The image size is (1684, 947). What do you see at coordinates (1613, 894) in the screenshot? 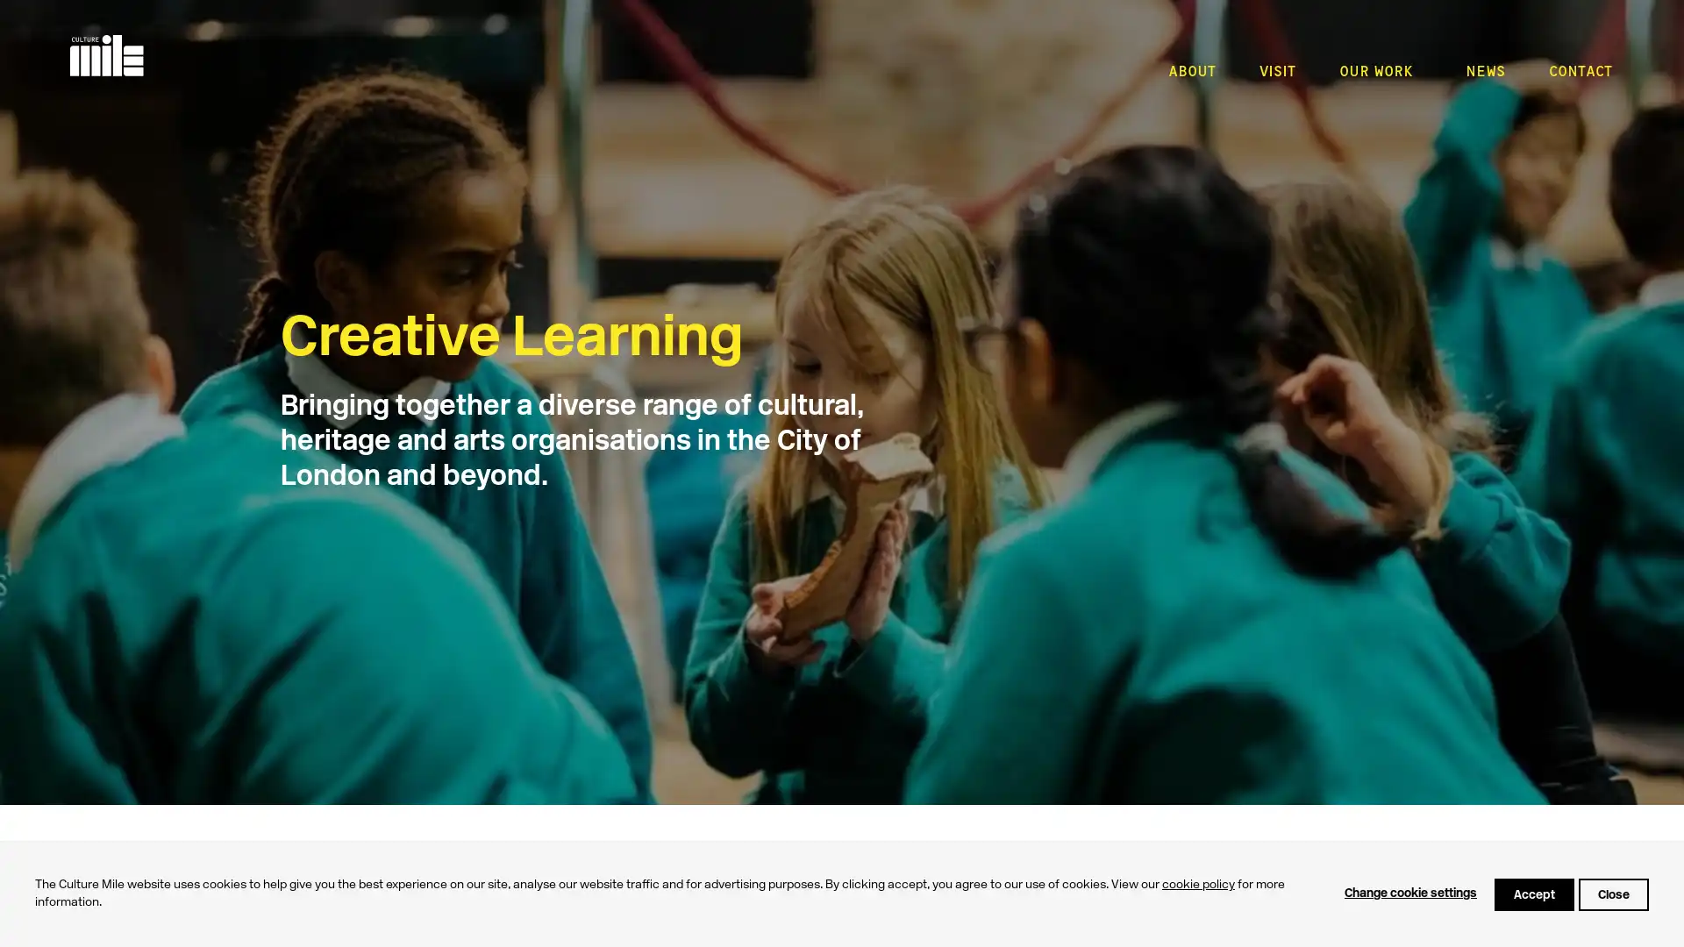
I see `Close` at bounding box center [1613, 894].